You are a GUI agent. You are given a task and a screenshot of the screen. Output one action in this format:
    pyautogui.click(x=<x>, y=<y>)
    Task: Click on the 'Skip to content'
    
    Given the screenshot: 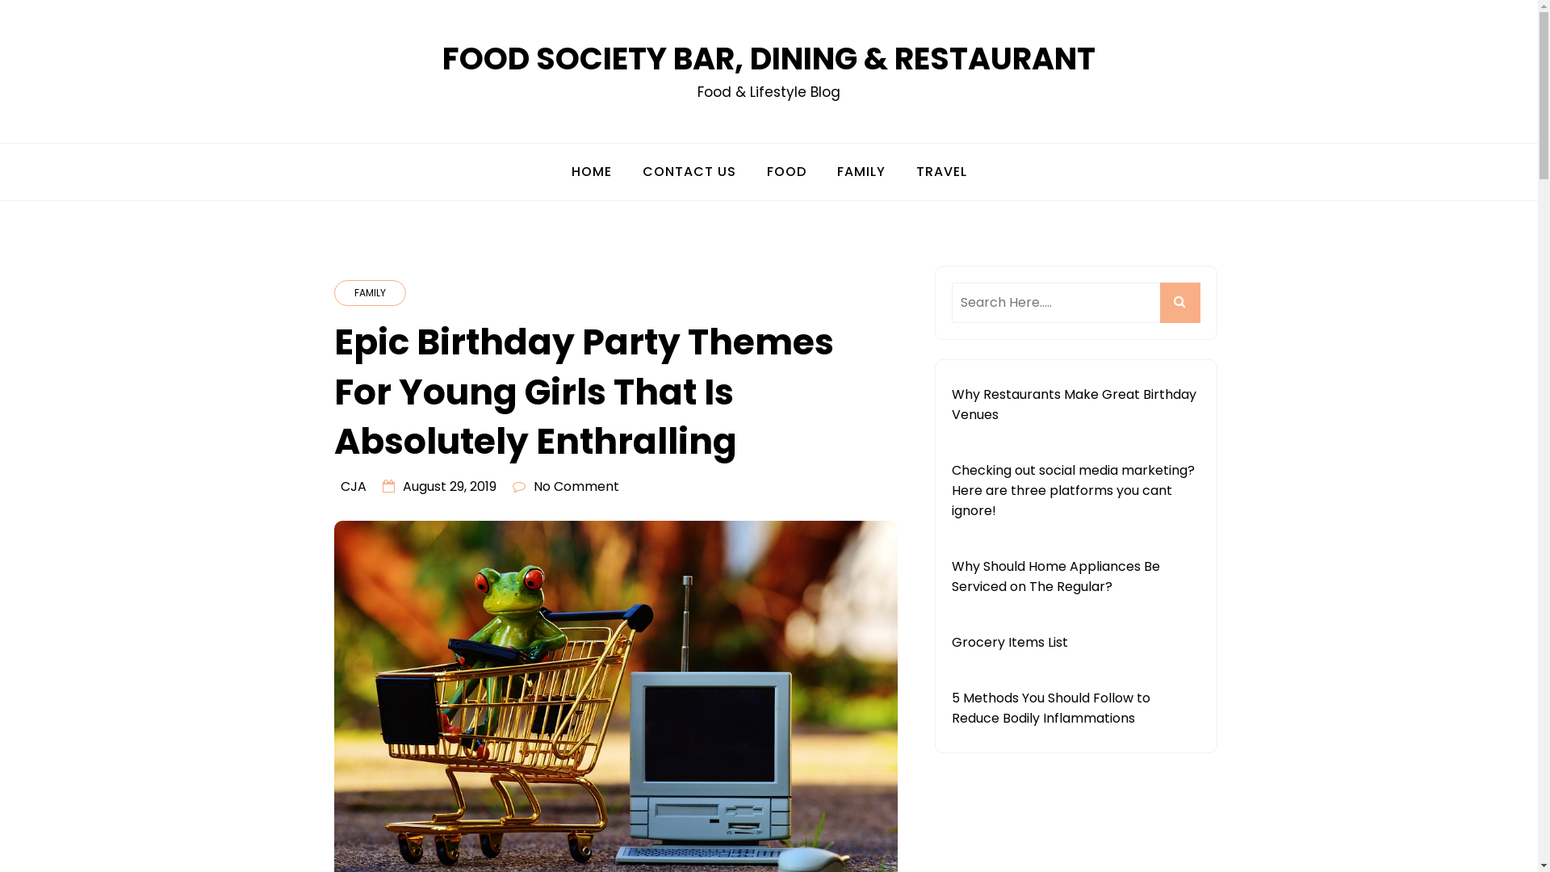 What is the action you would take?
    pyautogui.click(x=0, y=0)
    